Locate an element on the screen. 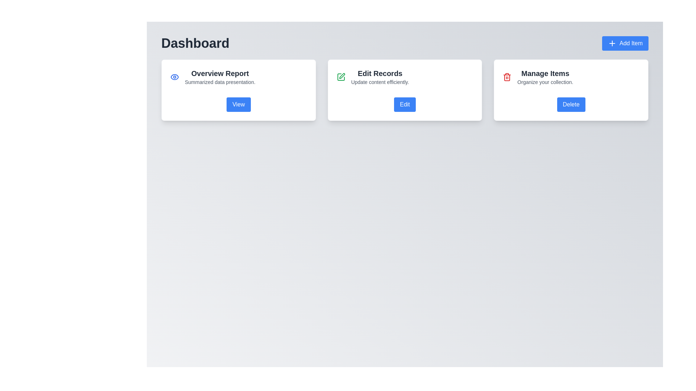  the delete button located at the bottom-right corner of the 'Manage Items' card is located at coordinates (571, 105).